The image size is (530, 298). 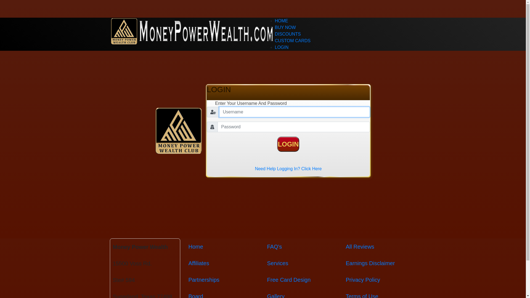 What do you see at coordinates (198, 263) in the screenshot?
I see `'Affiliates'` at bounding box center [198, 263].